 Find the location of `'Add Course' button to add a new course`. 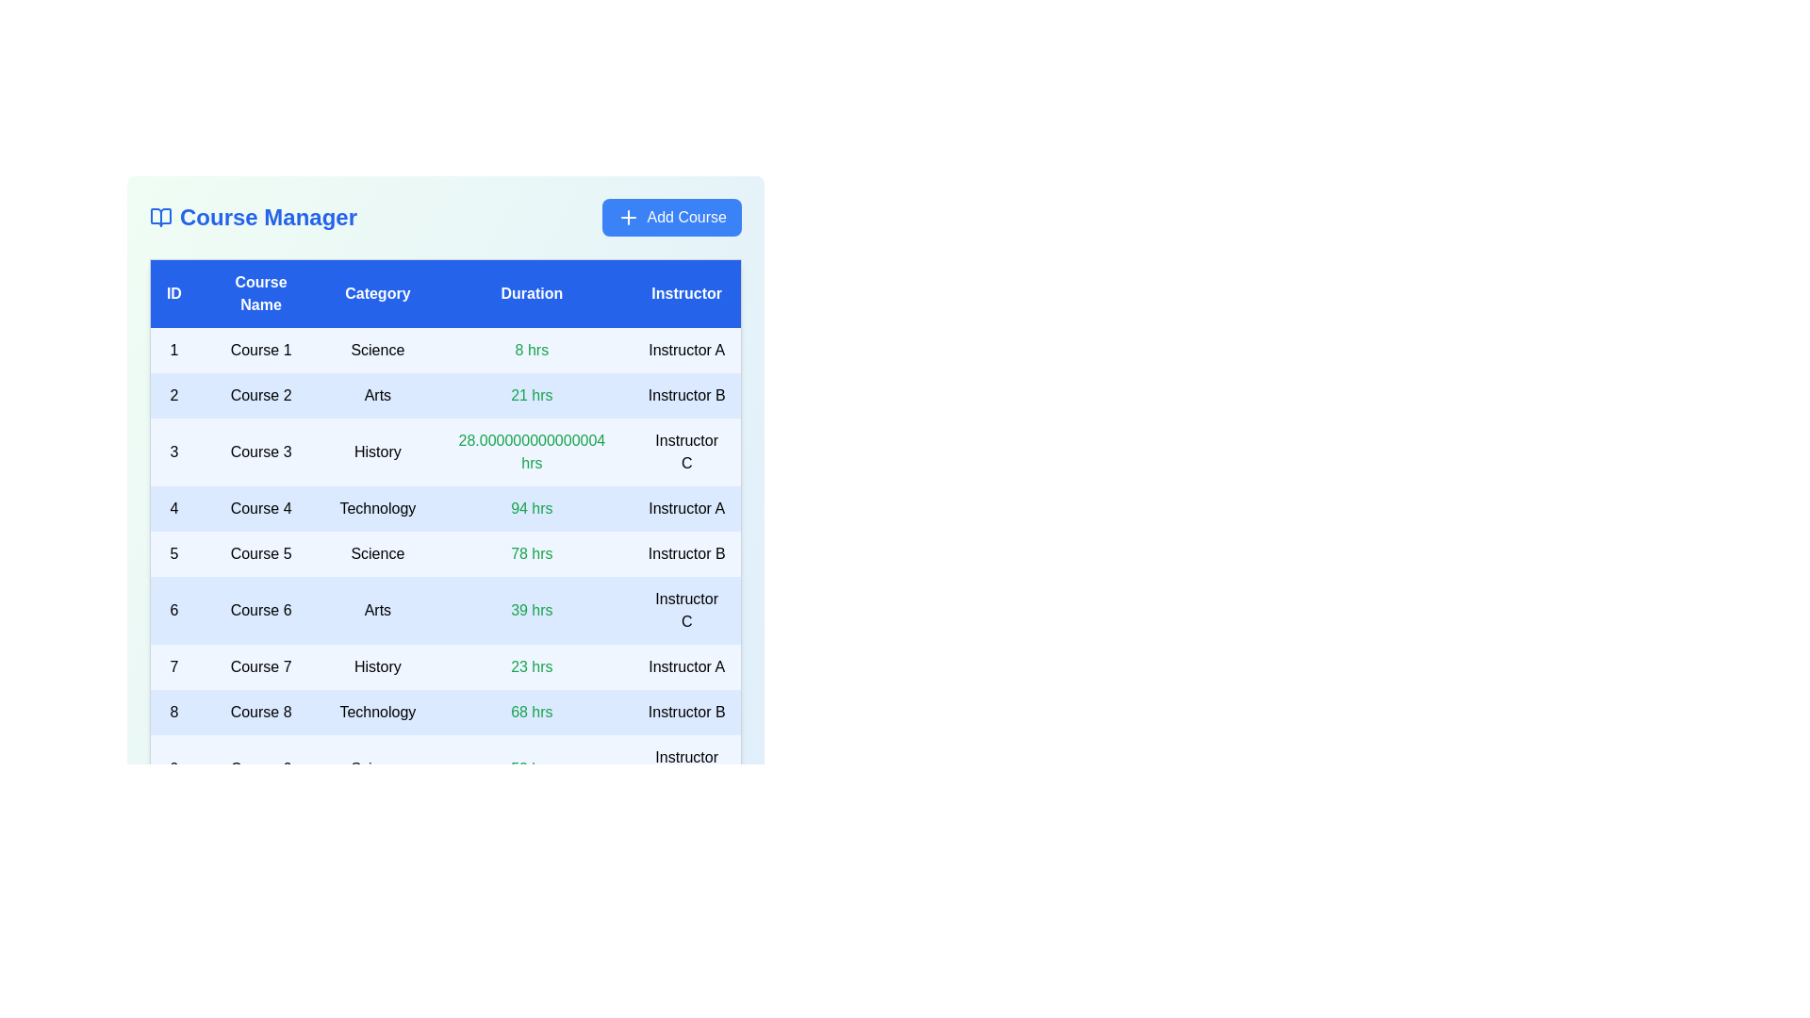

'Add Course' button to add a new course is located at coordinates (671, 217).